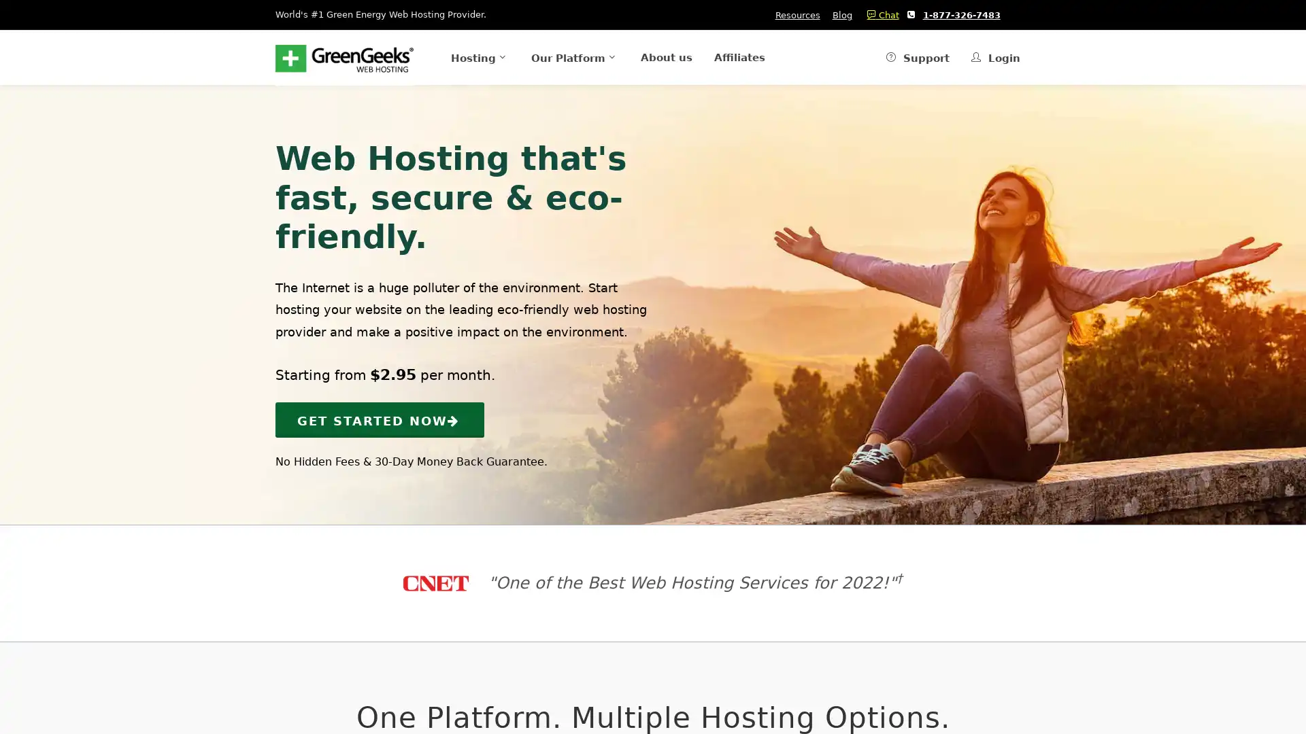 The height and width of the screenshot is (734, 1306). I want to click on Menu, so click(456, 56).